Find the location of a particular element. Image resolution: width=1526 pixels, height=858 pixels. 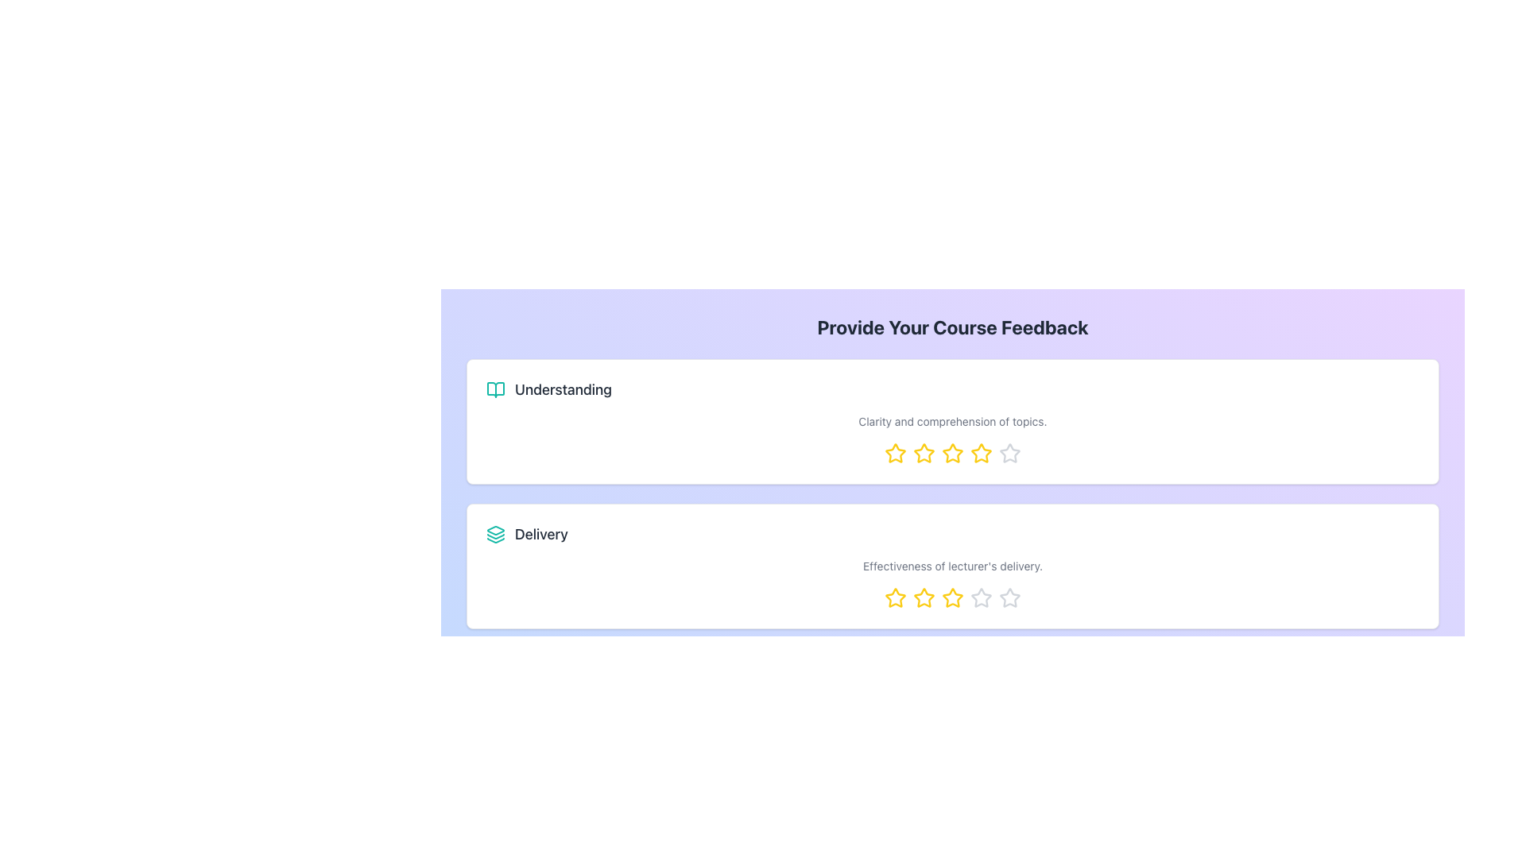

the first star in the rating sequence located in the 'Understanding' section of the course feedback form is located at coordinates (896, 453).